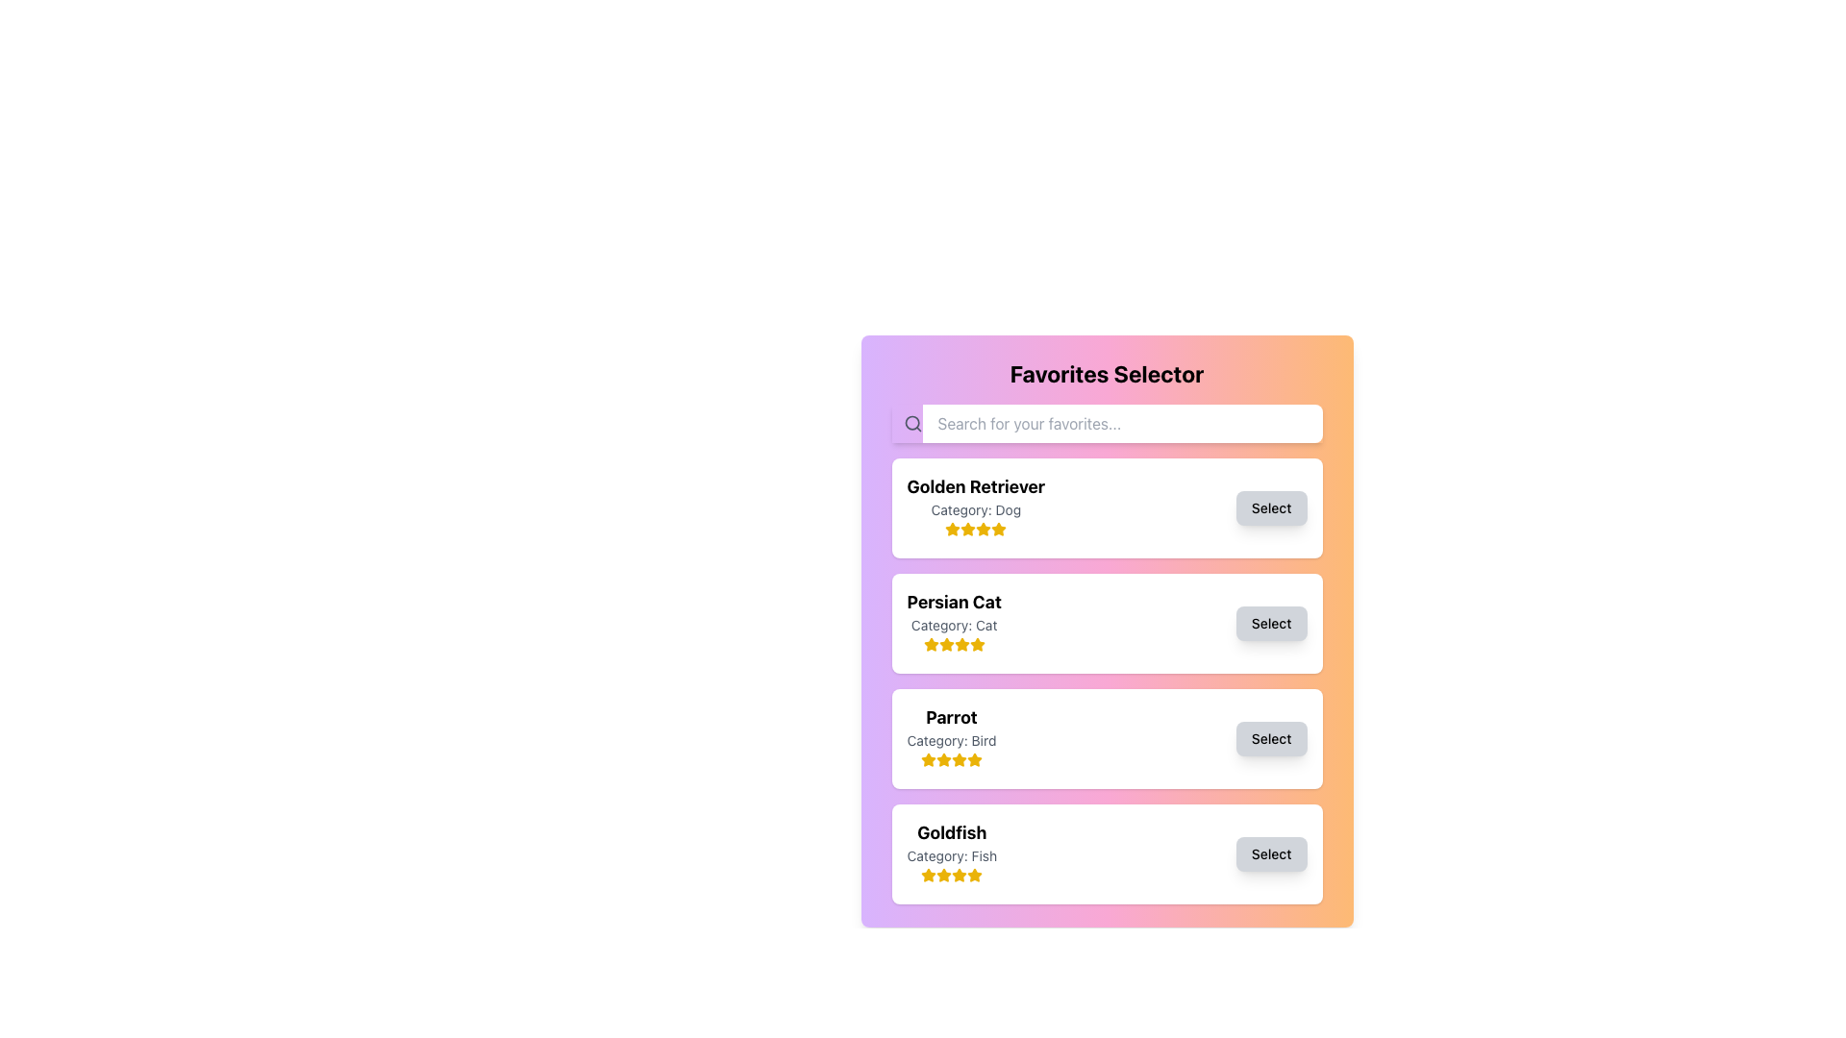 The width and height of the screenshot is (1846, 1038). Describe the element at coordinates (951, 718) in the screenshot. I see `the Text Label identifying the 'Parrot' entry in the Favorites Selector component, which is centrally located above the text 'Category: Bird' in the third list item` at that location.